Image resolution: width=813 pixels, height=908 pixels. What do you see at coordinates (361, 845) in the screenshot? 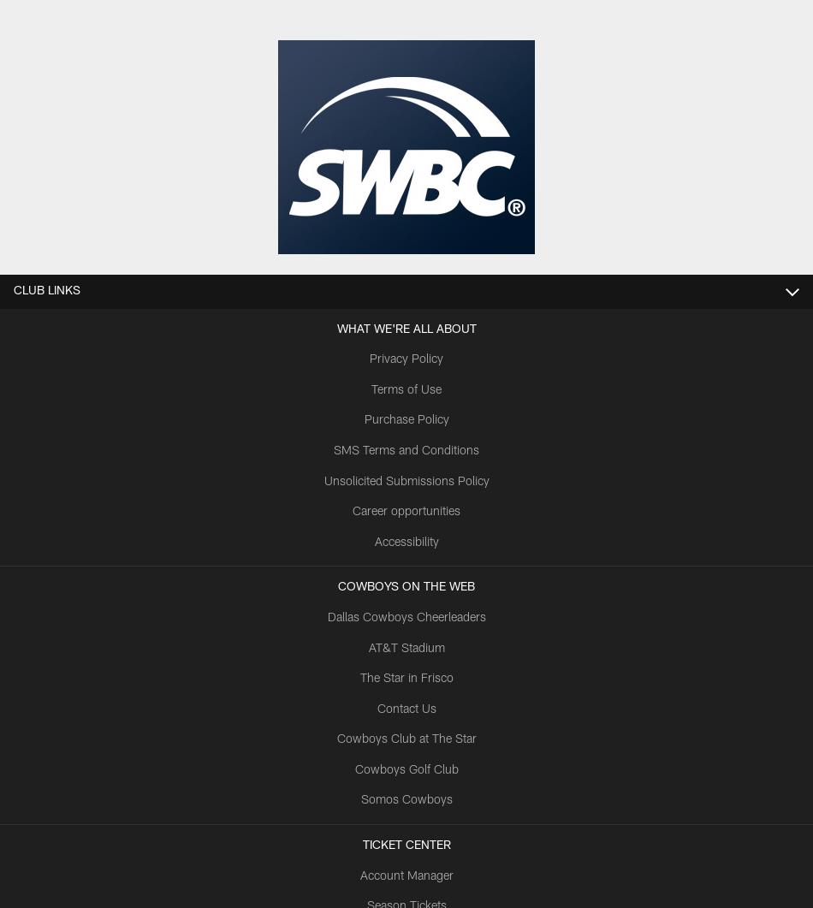
I see `'TICKET CENTER'` at bounding box center [361, 845].